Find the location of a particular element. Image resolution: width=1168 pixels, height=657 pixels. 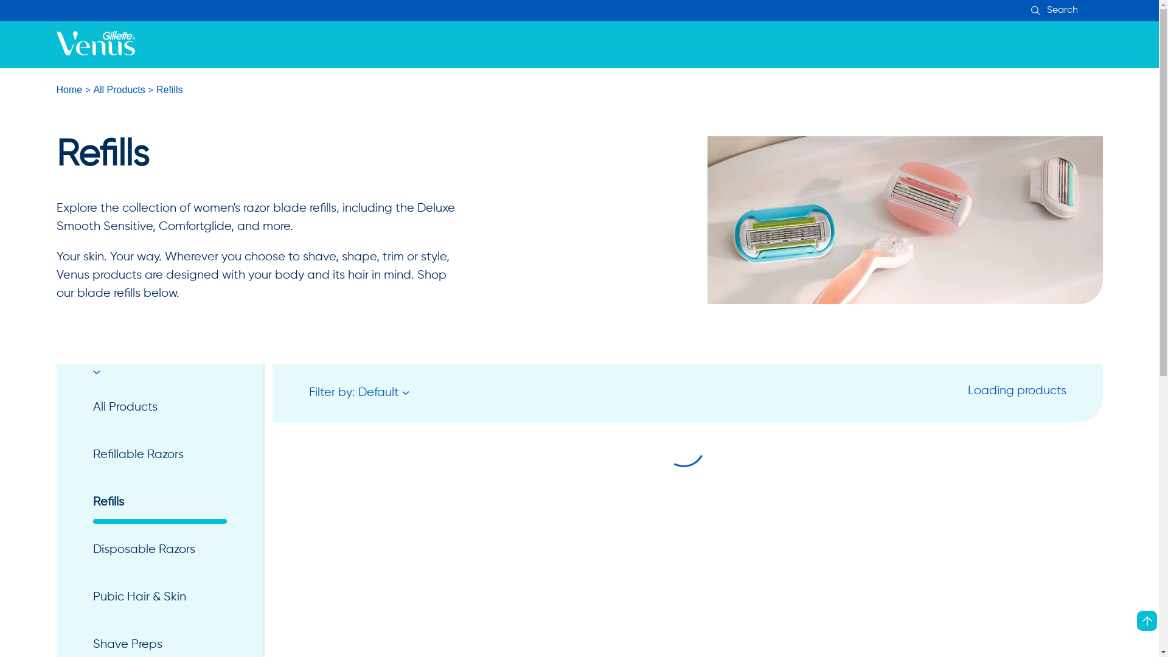

'Refills' is located at coordinates (159, 502).